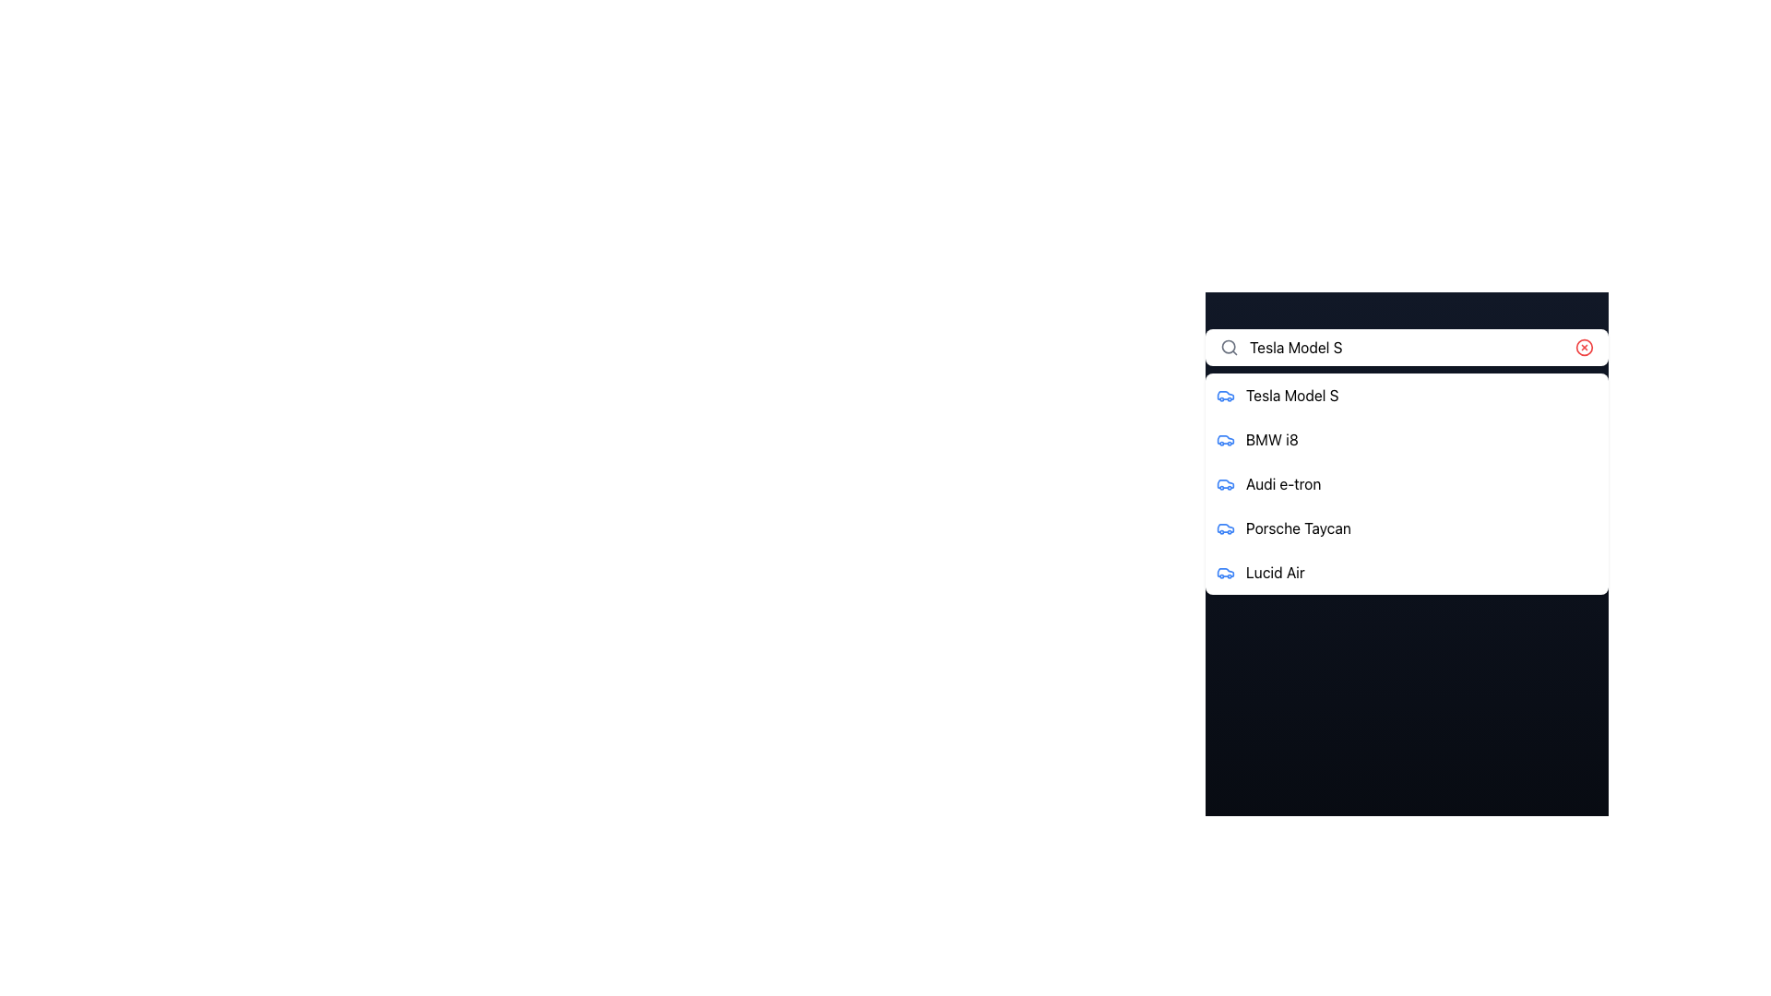  I want to click on blue car icon element located to the left of the text 'Lucid Air' in the fifth item of the vertical menu for its properties, so click(1226, 572).